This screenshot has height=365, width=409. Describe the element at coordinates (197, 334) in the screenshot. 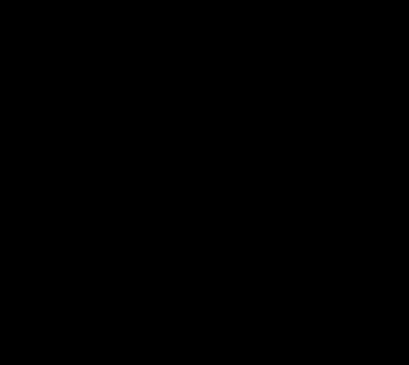

I see `'What are three tangible things you feel have shifted in you or the way that you approach your life and work, as a result of this course?'` at that location.